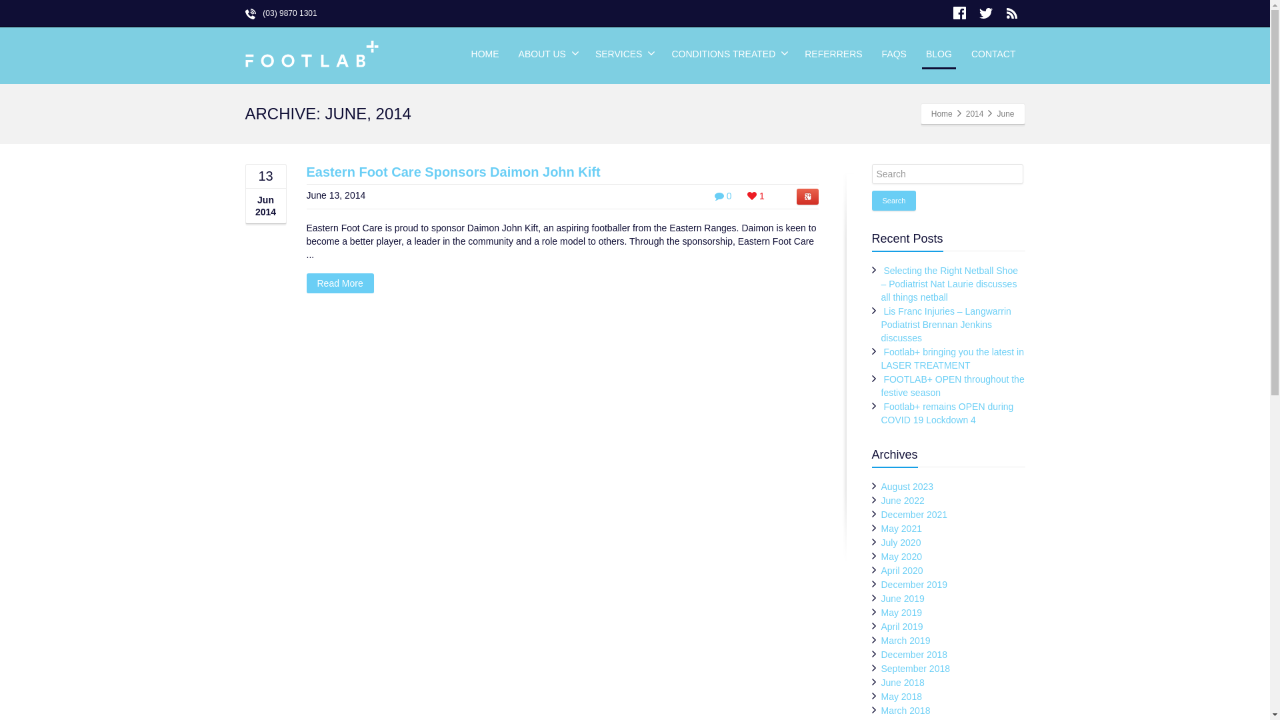 This screenshot has width=1280, height=720. Describe the element at coordinates (914, 654) in the screenshot. I see `'December 2018'` at that location.